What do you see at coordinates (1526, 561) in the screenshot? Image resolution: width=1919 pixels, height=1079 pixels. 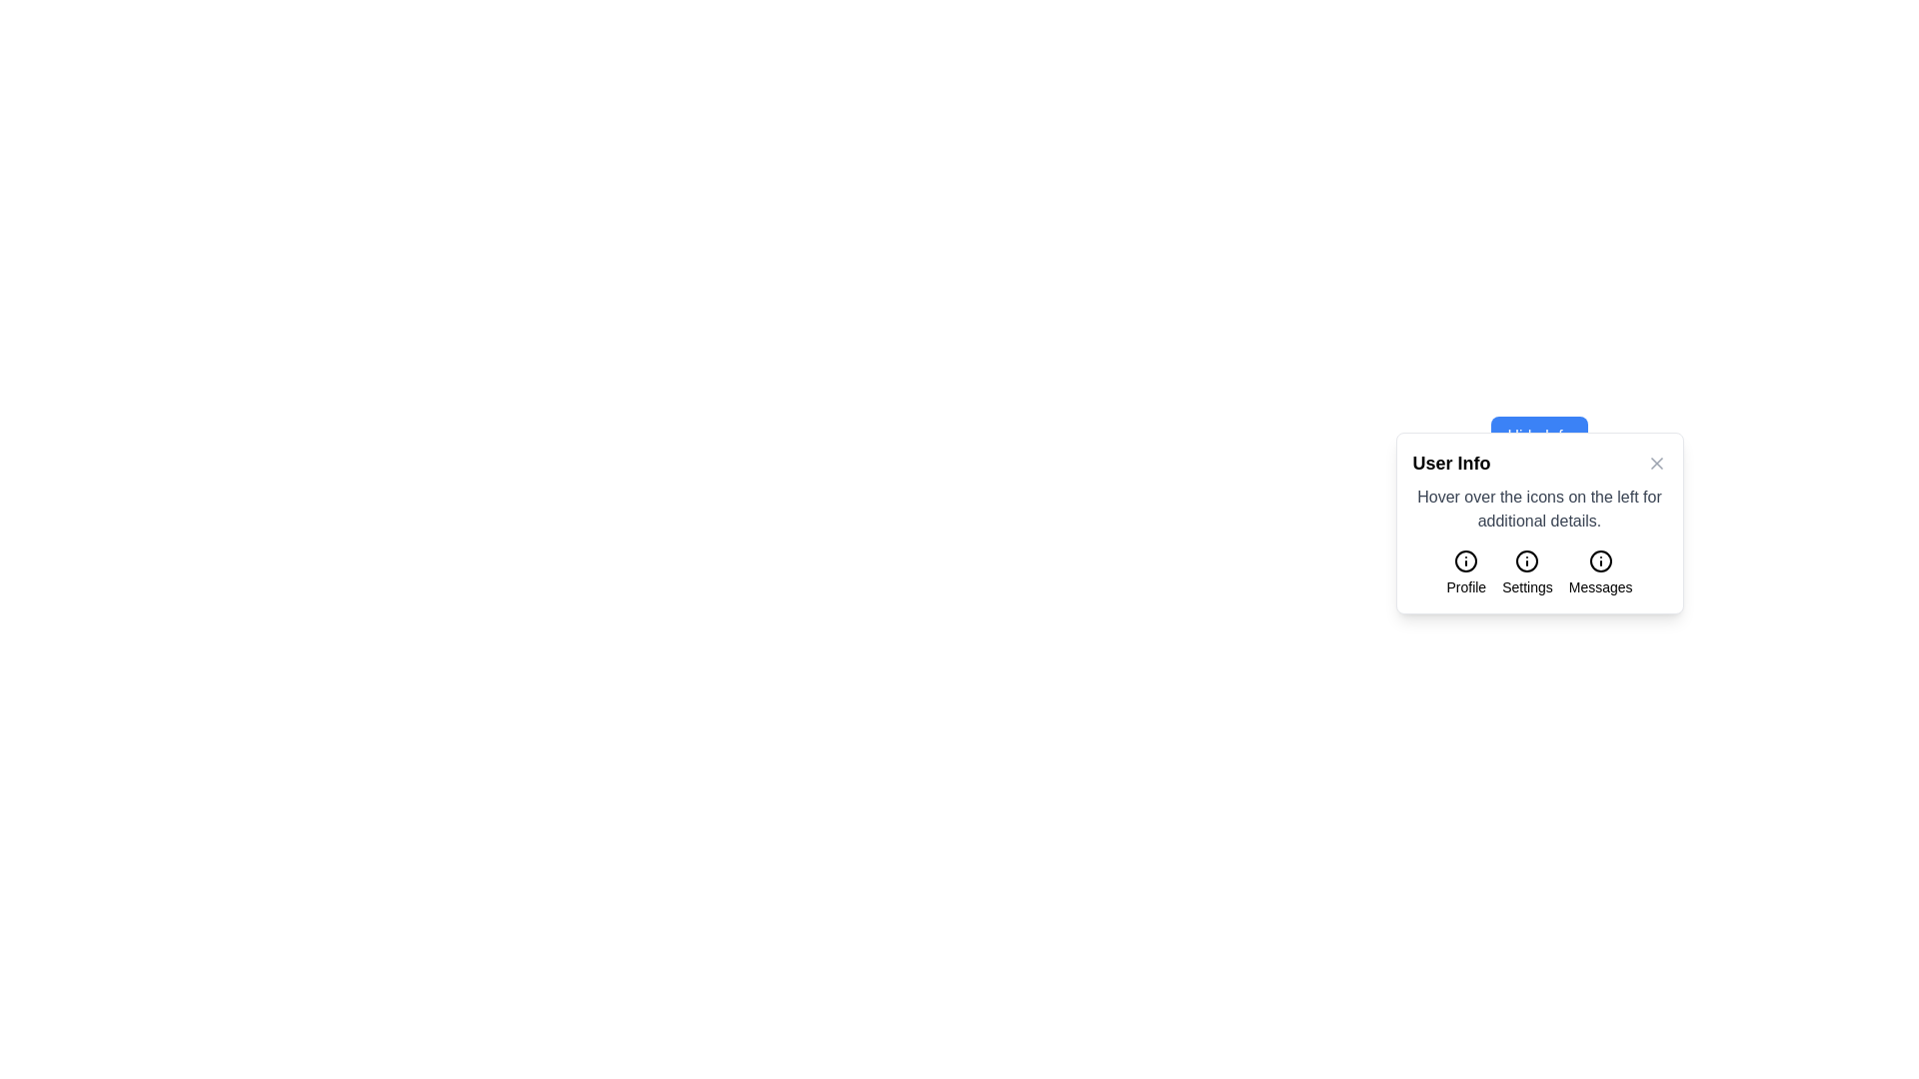 I see `the visual emphasis of the SVG Circle that indicates an information feature, located below the 'Settings' text in the icon group` at bounding box center [1526, 561].